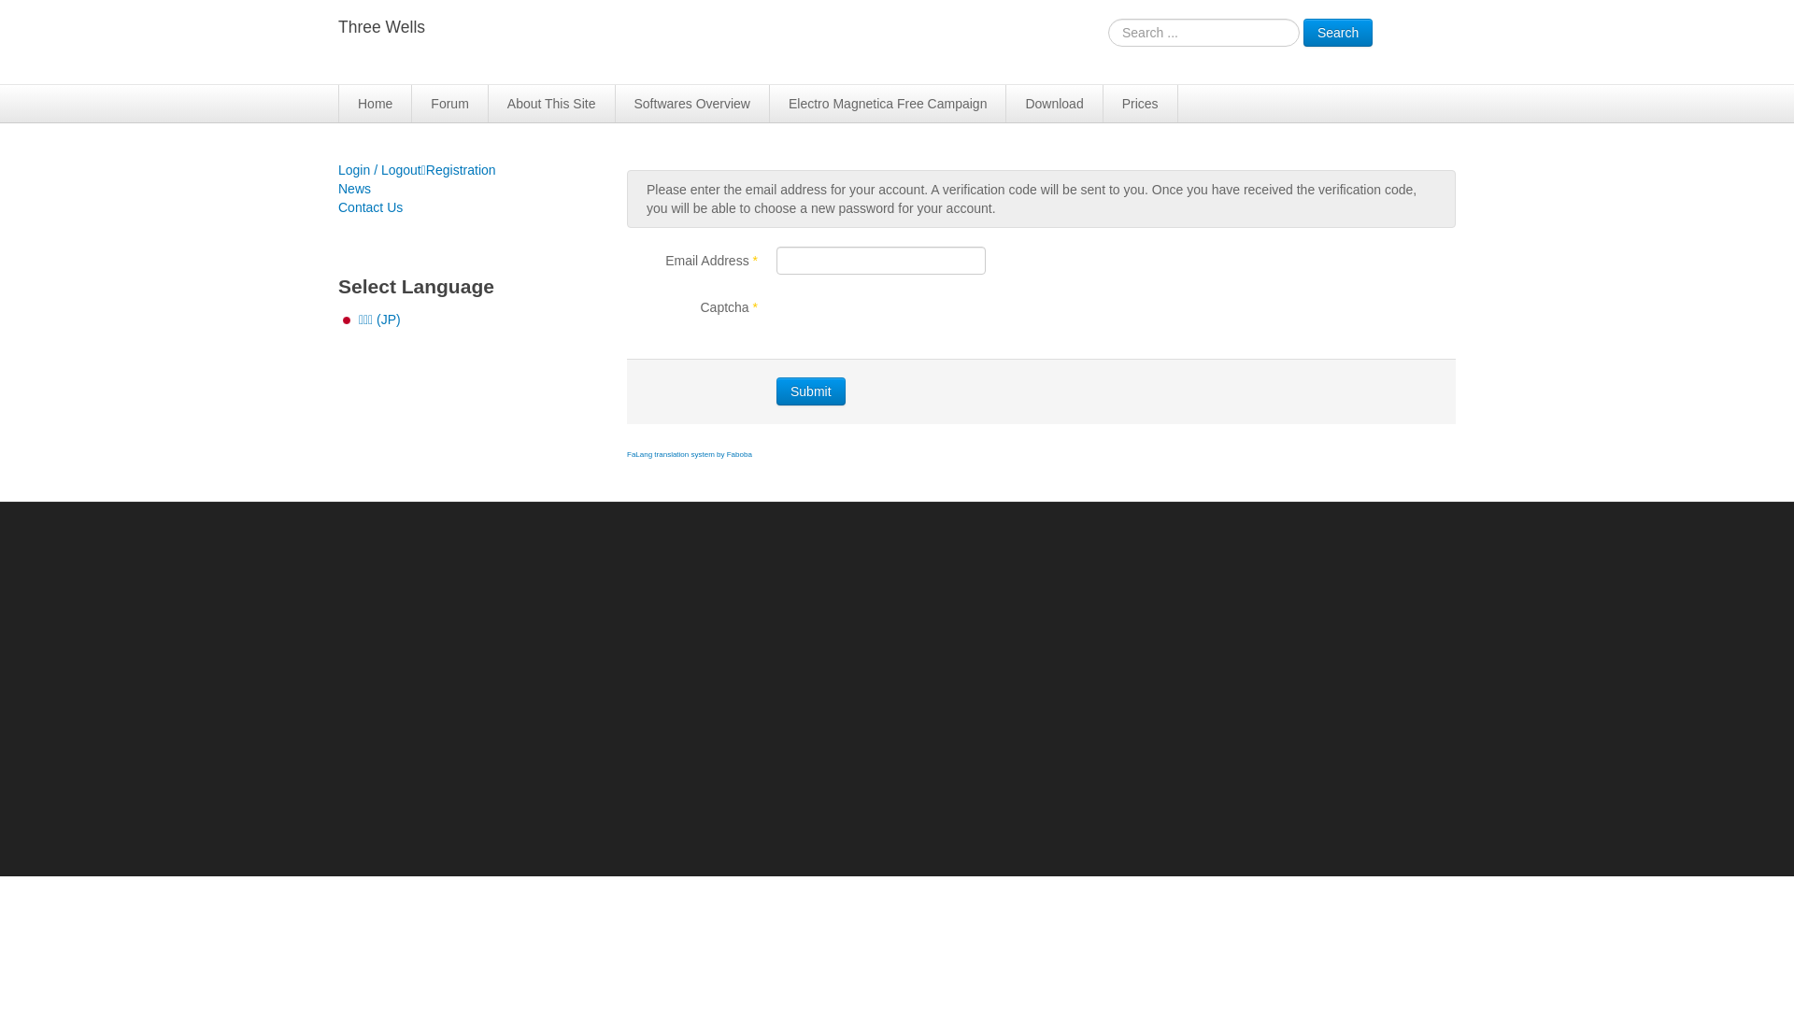 The height and width of the screenshot is (1009, 1794). Describe the element at coordinates (375, 104) in the screenshot. I see `'Home'` at that location.